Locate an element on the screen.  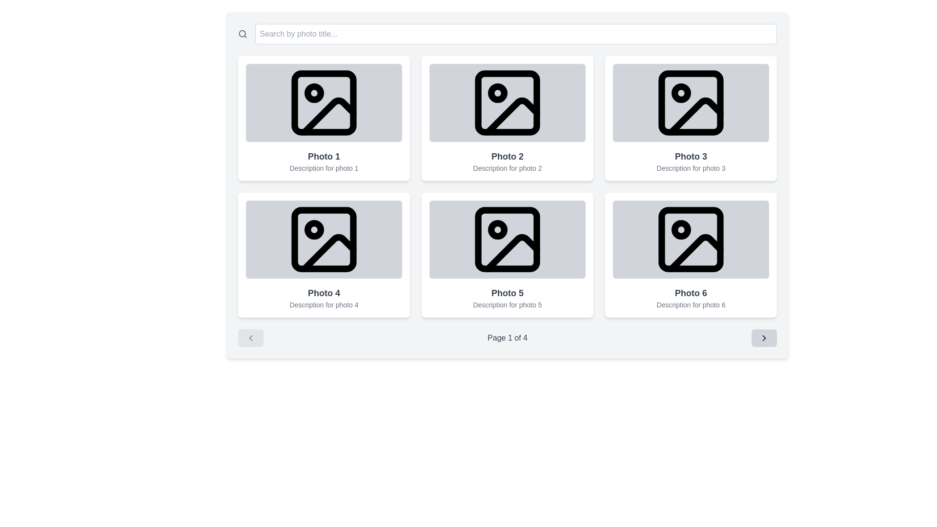
the black geometric line icon resembling a triangular shape with a diagonal bar across it, located within the fifth photo thumbnail in the second row of a six-item photo grid is located at coordinates (512, 252).